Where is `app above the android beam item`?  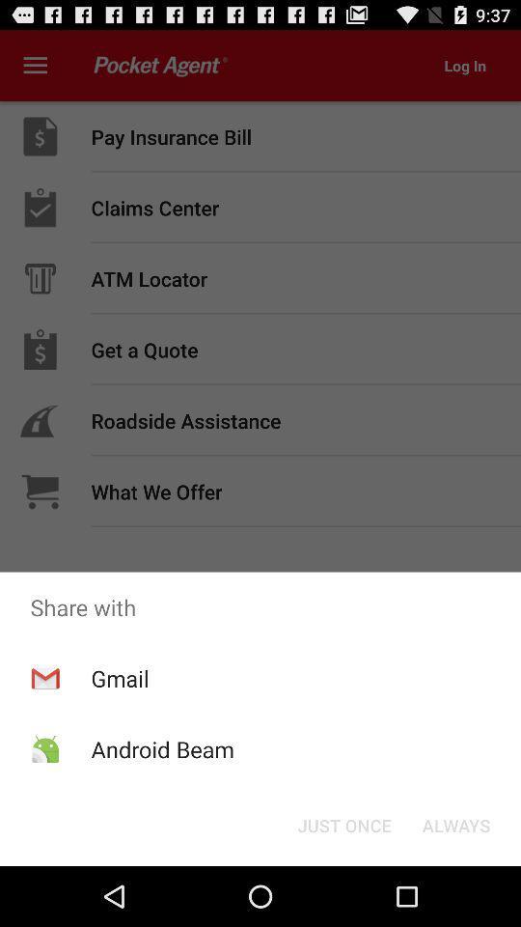
app above the android beam item is located at coordinates (120, 678).